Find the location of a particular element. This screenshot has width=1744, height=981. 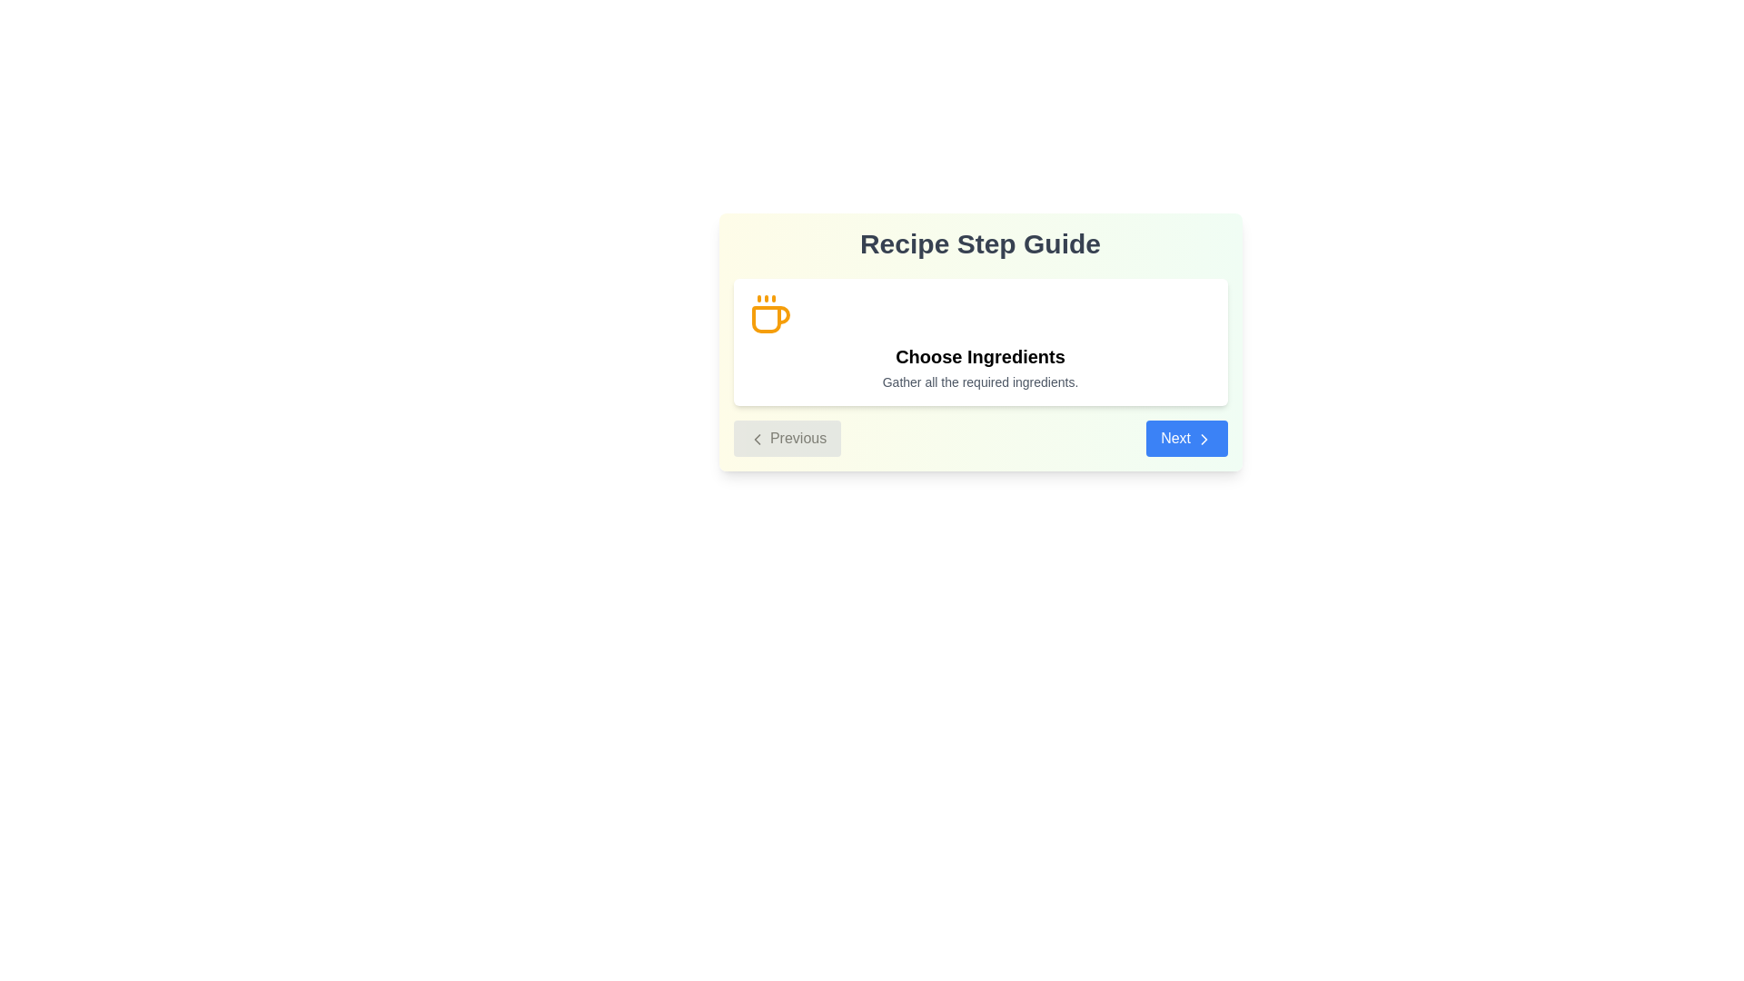

the 'Next' button located in the lower-right corner of the dialog box beneath the text 'Choose Ingredients' to proceed to the next step is located at coordinates (1186, 438).